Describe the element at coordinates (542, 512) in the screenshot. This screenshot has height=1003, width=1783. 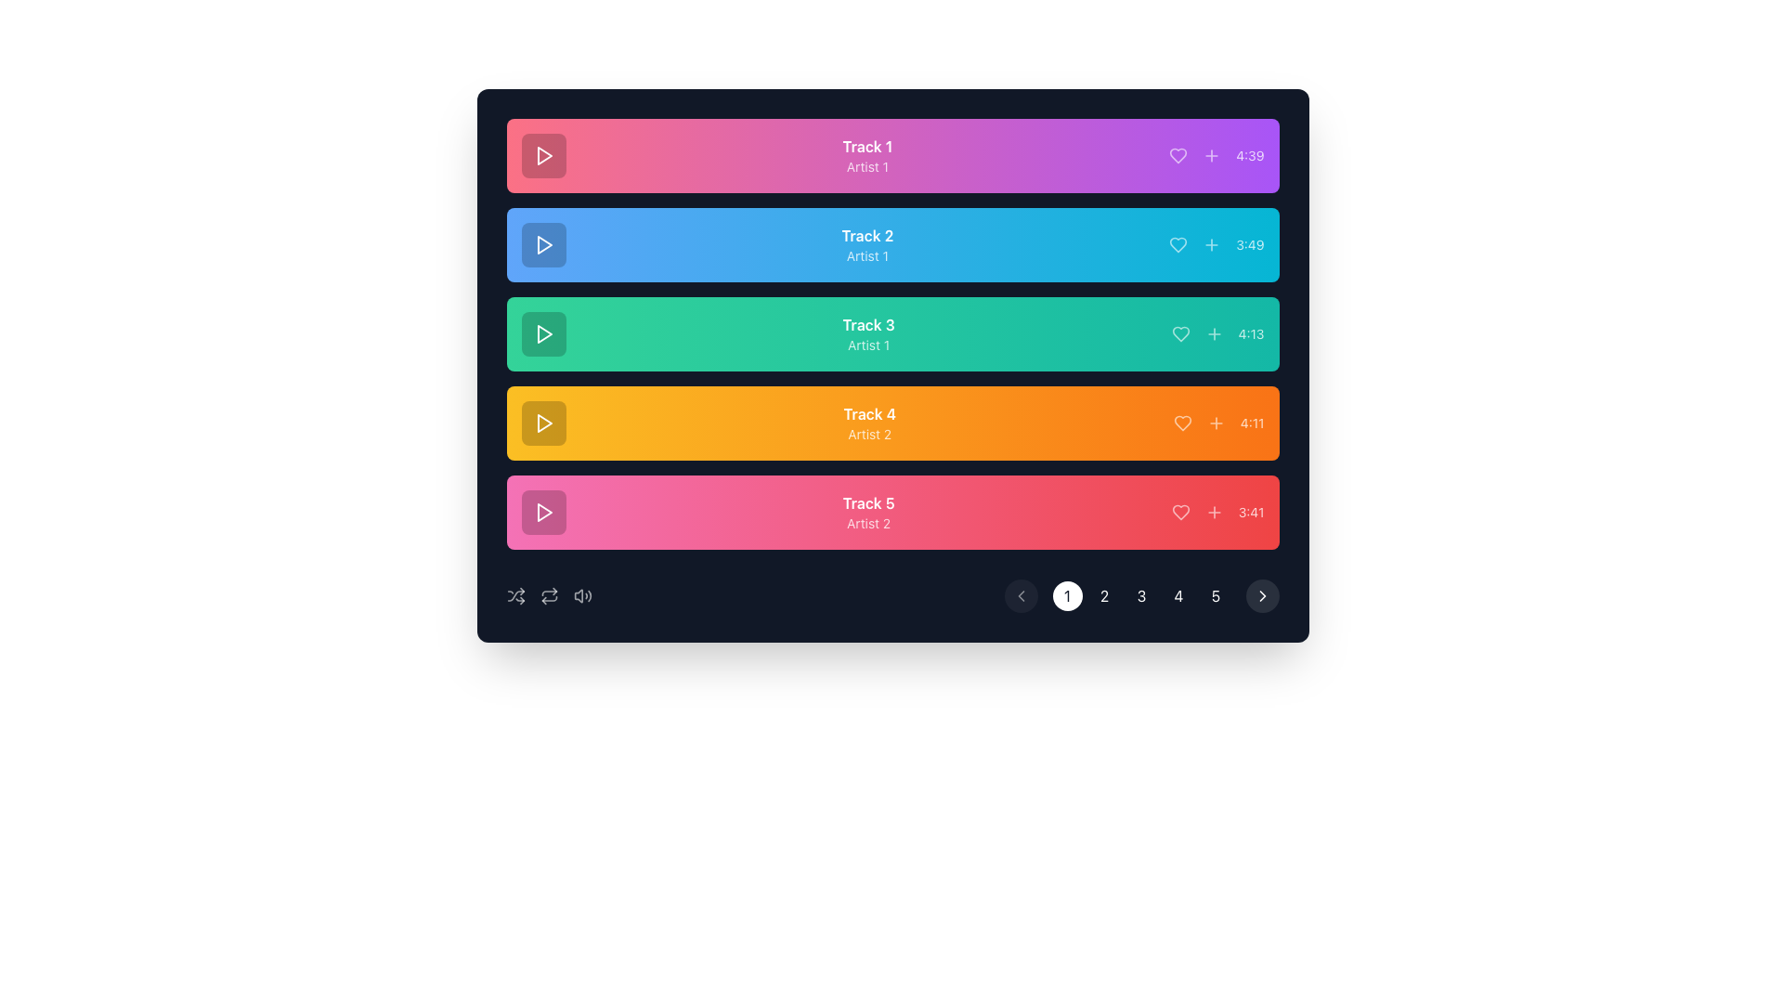
I see `the rounded square button with a black semi-transparent background and a white triangular play icon located at the leftmost position of Track 5 to play the track` at that location.